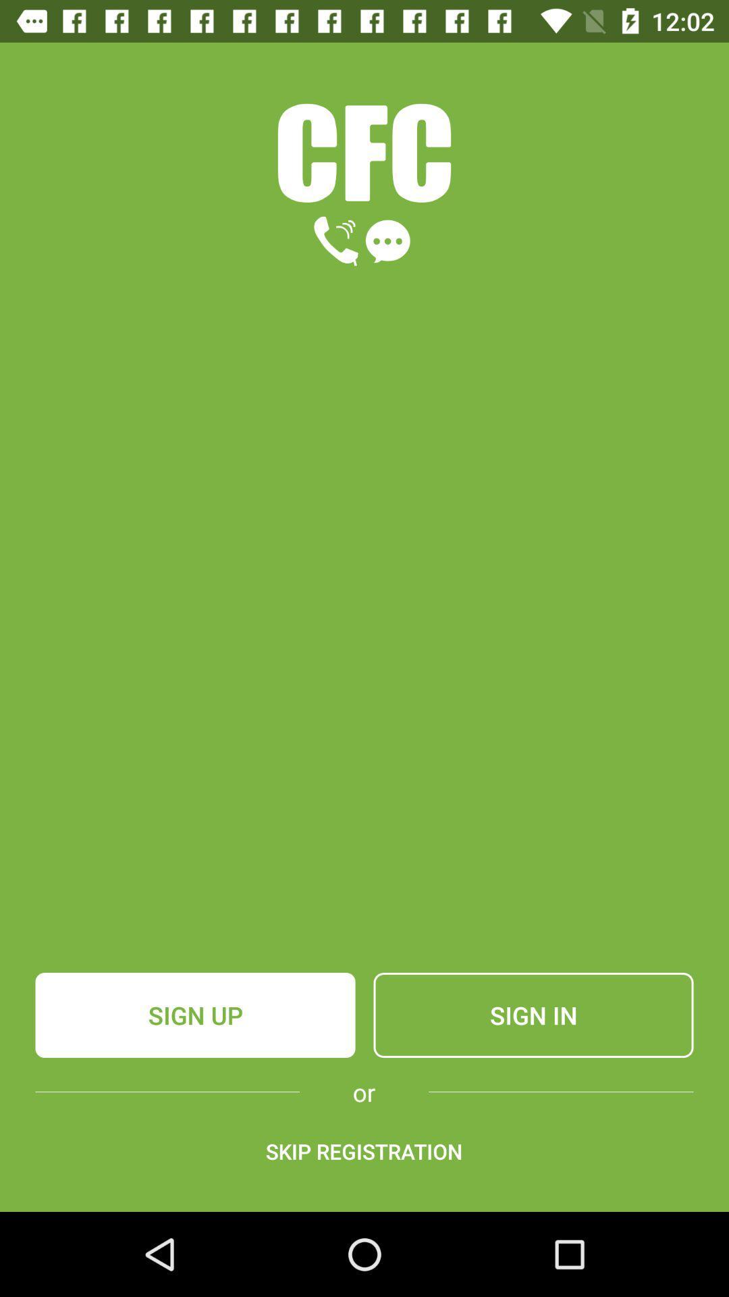  What do you see at coordinates (533, 1015) in the screenshot?
I see `the icon above or icon` at bounding box center [533, 1015].